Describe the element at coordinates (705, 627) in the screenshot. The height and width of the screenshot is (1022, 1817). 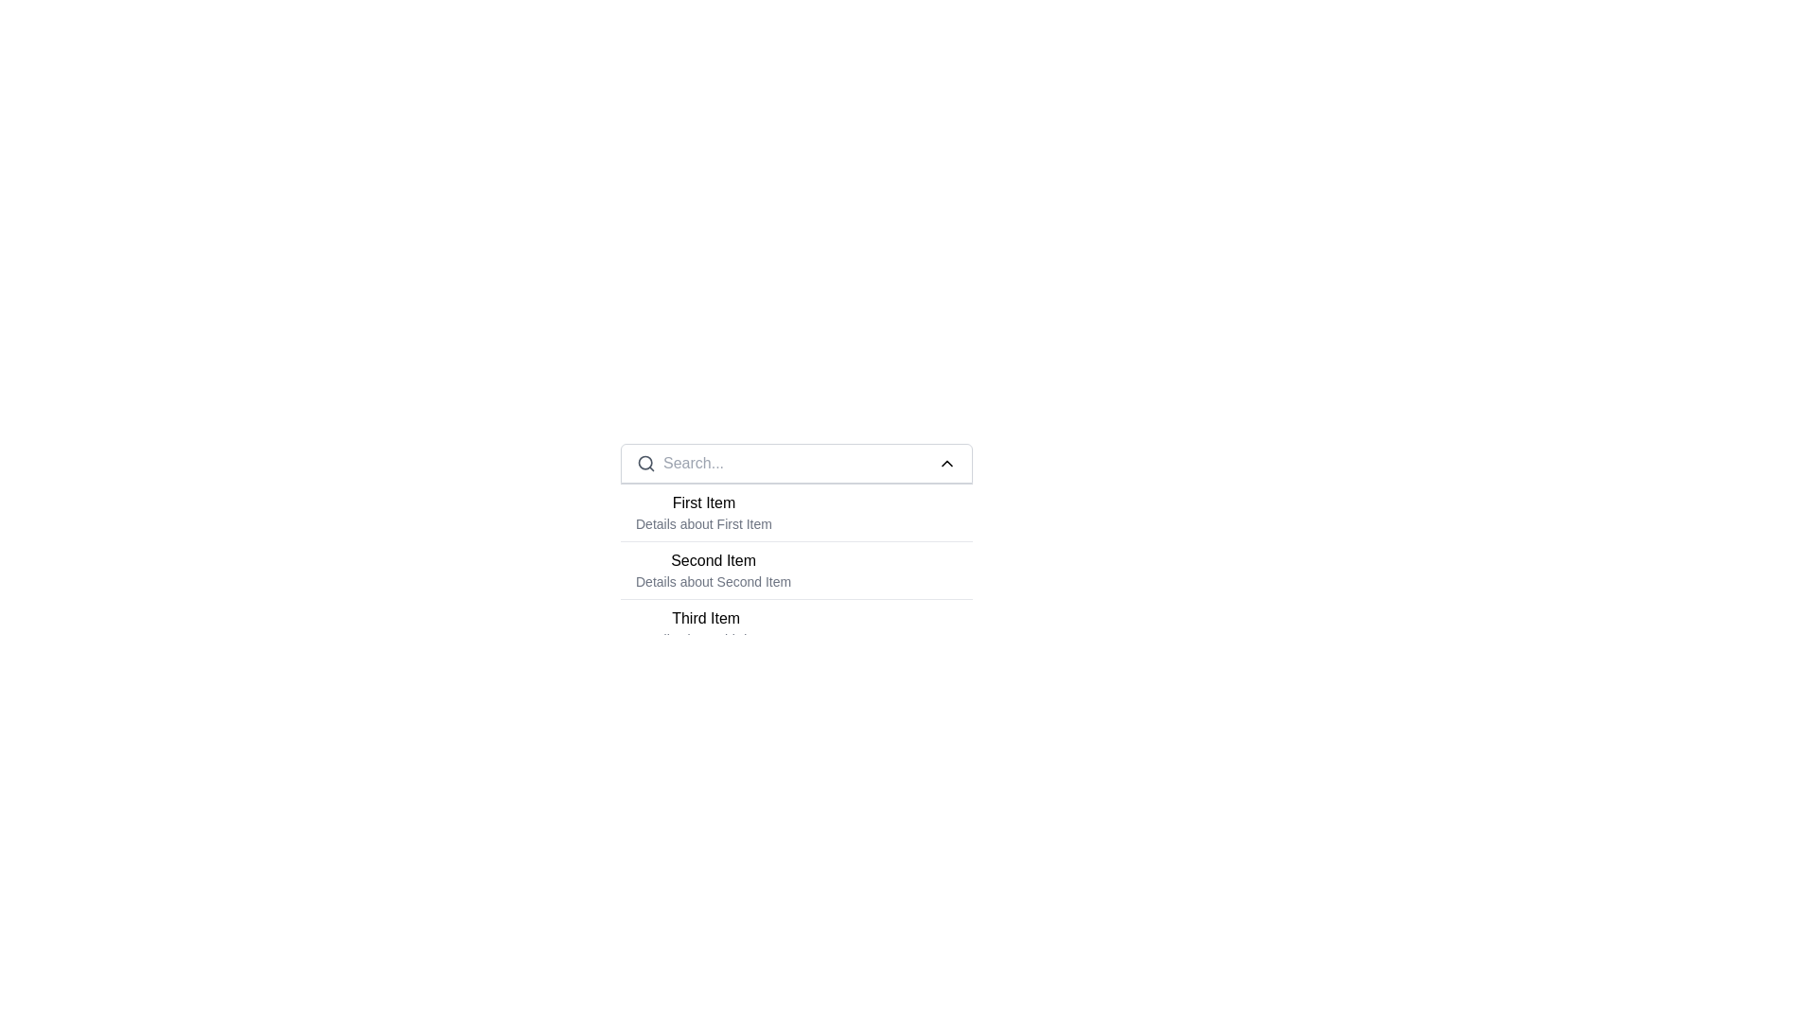
I see `the Text display component that shows information about the 'Third Item', which is positioned below 'Second Item' in a vertically listed group of similar elements` at that location.